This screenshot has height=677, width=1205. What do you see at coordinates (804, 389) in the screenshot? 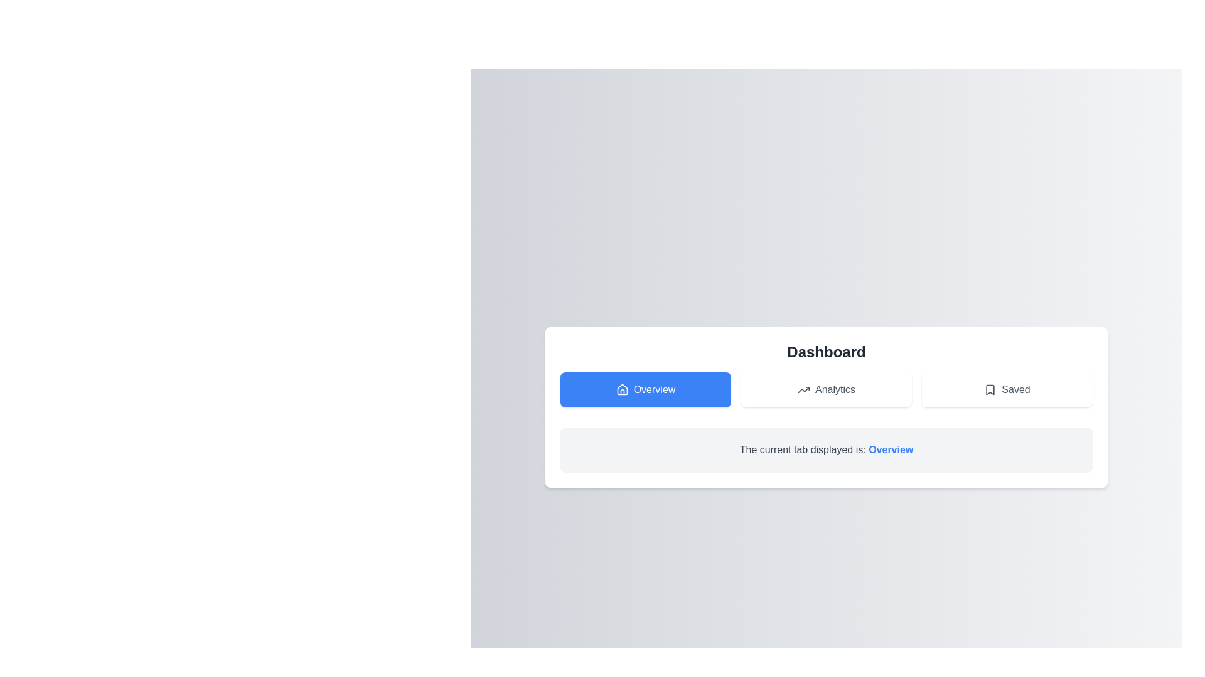
I see `the interactive graphical icon resembling a trending line chart located in the navigation bar under the 'Analytics' tab` at bounding box center [804, 389].